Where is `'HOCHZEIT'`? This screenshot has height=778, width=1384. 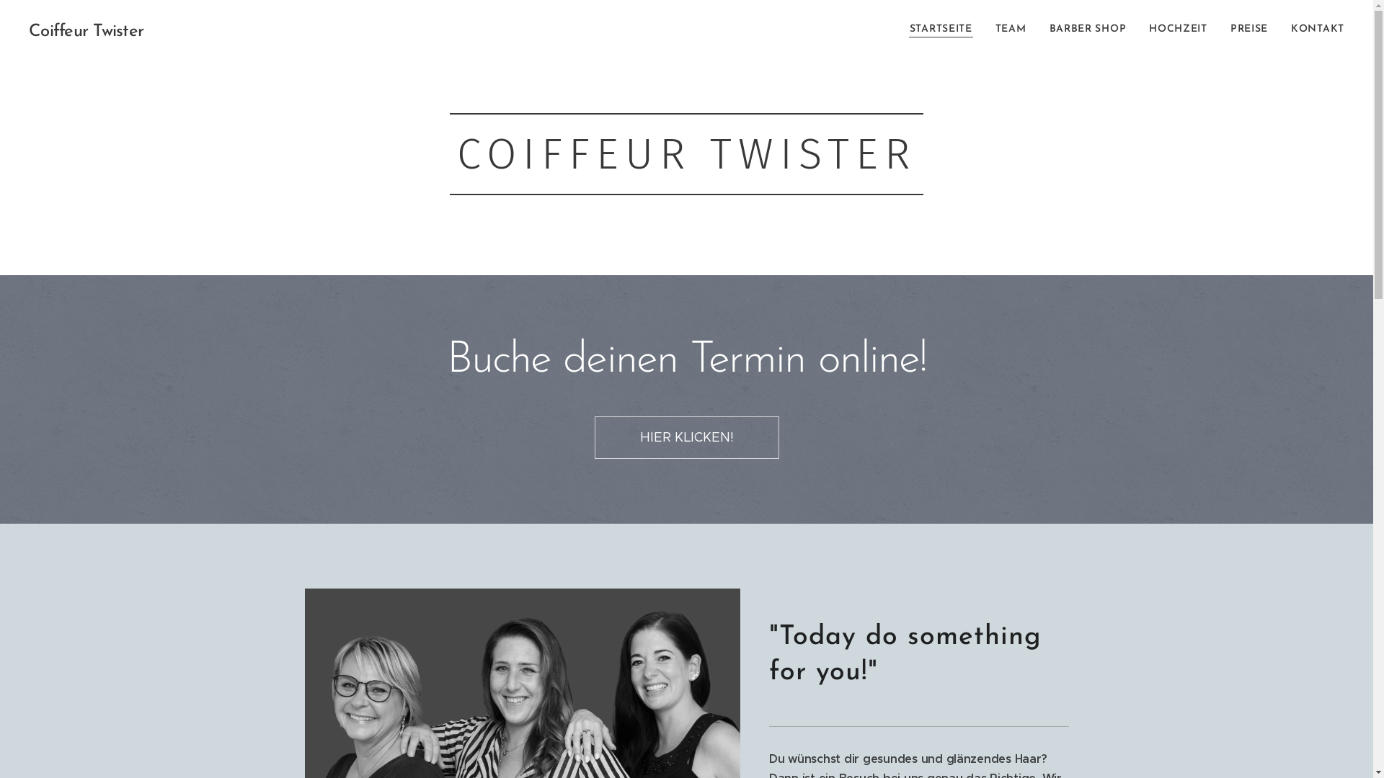 'HOCHZEIT' is located at coordinates (1178, 30).